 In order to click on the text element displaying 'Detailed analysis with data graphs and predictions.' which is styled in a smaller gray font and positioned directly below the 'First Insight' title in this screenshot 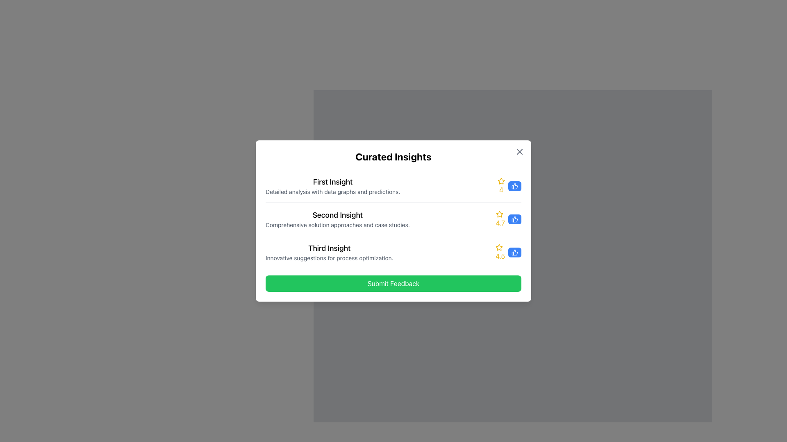, I will do `click(333, 192)`.